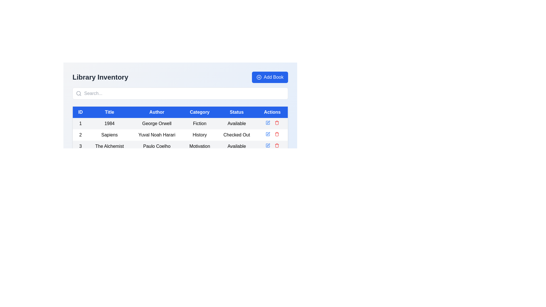 Image resolution: width=546 pixels, height=307 pixels. What do you see at coordinates (80, 146) in the screenshot?
I see `the label representing the unique identifier for the book 'The Alchemist' in the library inventory table, located in the leftmost column under the 'ID' heading` at bounding box center [80, 146].